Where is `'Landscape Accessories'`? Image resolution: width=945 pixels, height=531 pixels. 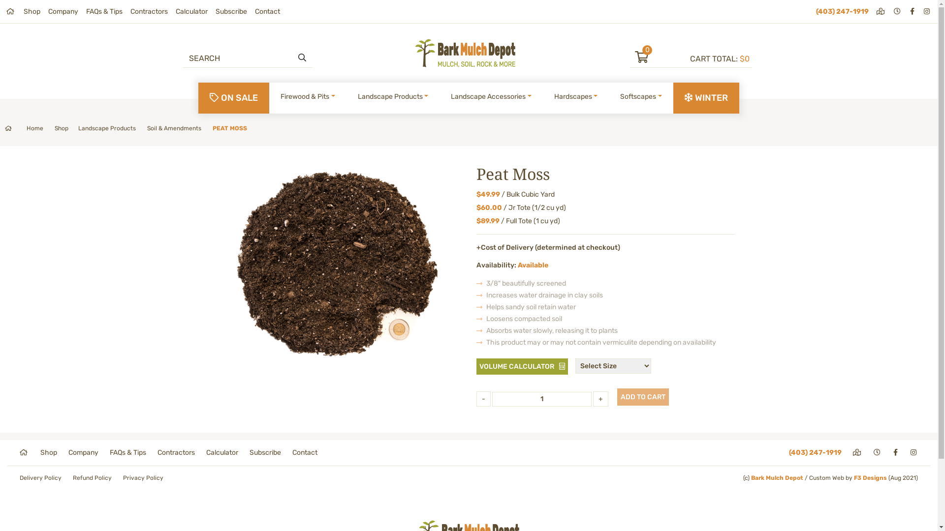 'Landscape Accessories' is located at coordinates (491, 96).